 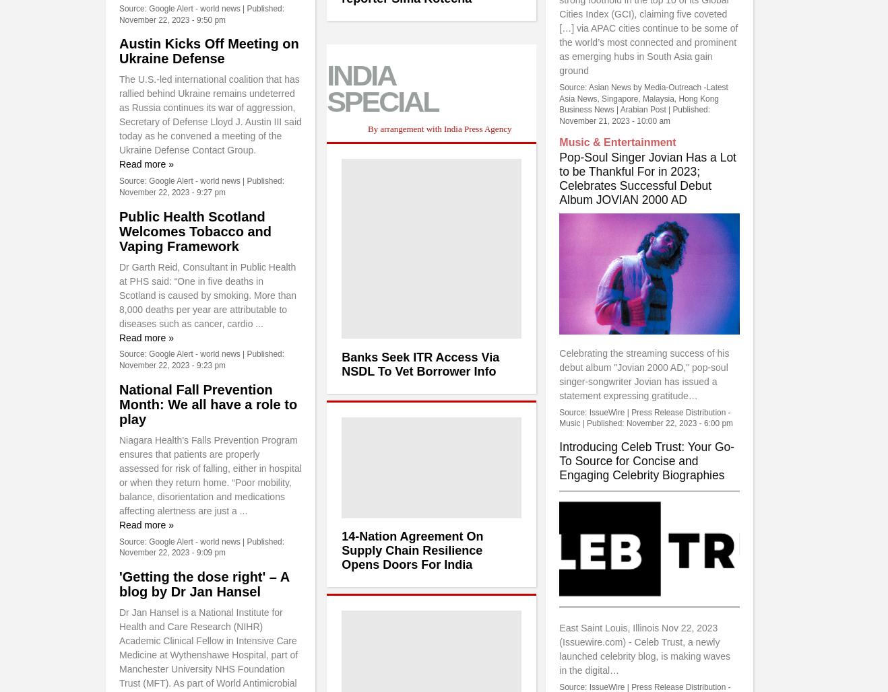 I want to click on 'November 21, 2023 - 10:00 am', so click(x=614, y=120).